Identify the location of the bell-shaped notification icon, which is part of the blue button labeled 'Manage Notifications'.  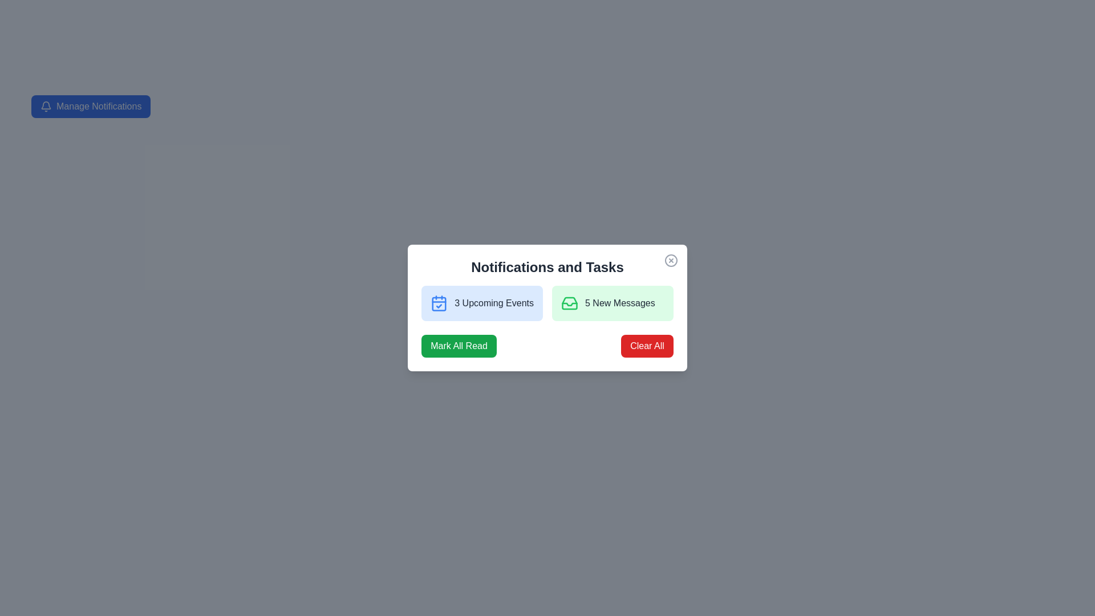
(46, 105).